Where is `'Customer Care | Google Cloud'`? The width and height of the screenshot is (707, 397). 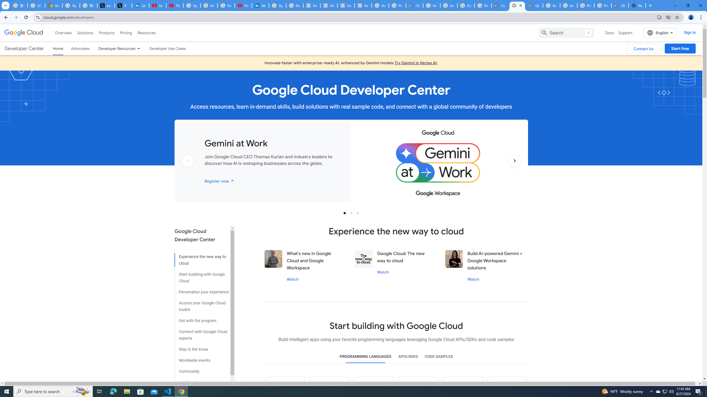 'Customer Care | Google Cloud' is located at coordinates (500, 5).